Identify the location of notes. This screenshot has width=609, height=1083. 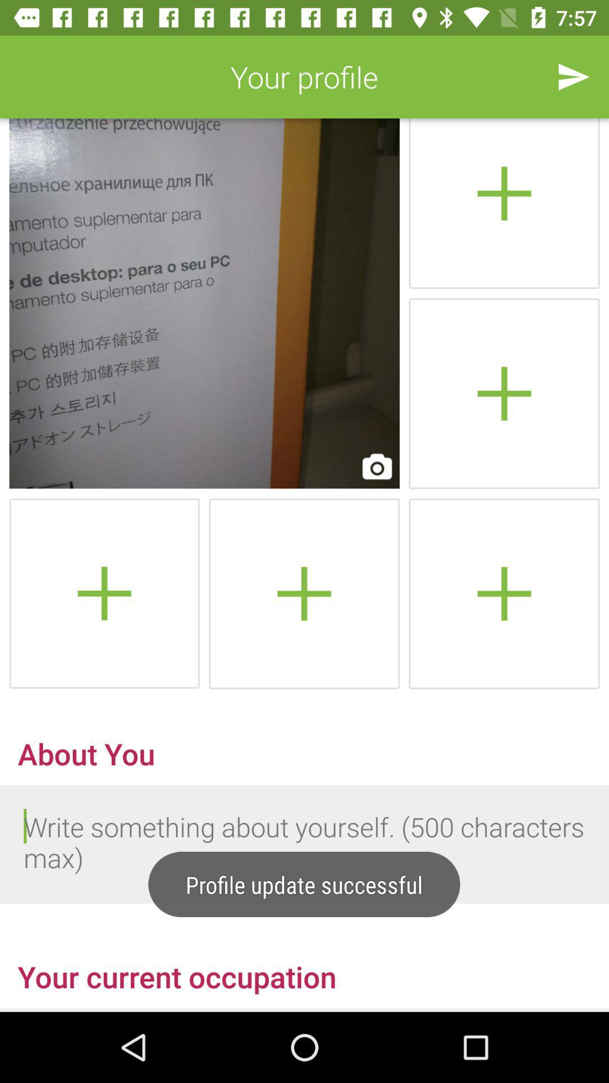
(303, 593).